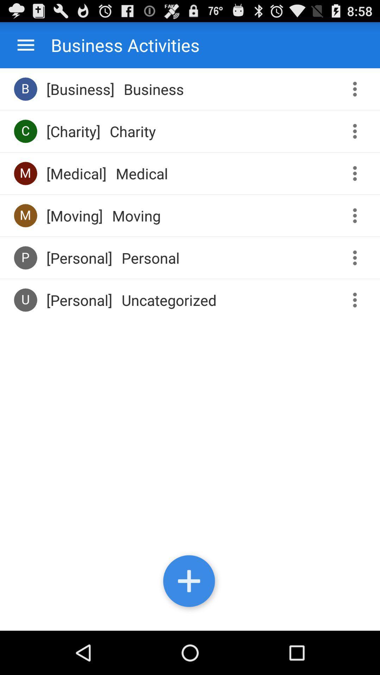  What do you see at coordinates (357, 300) in the screenshot?
I see `change setting of uncategorized business activity` at bounding box center [357, 300].